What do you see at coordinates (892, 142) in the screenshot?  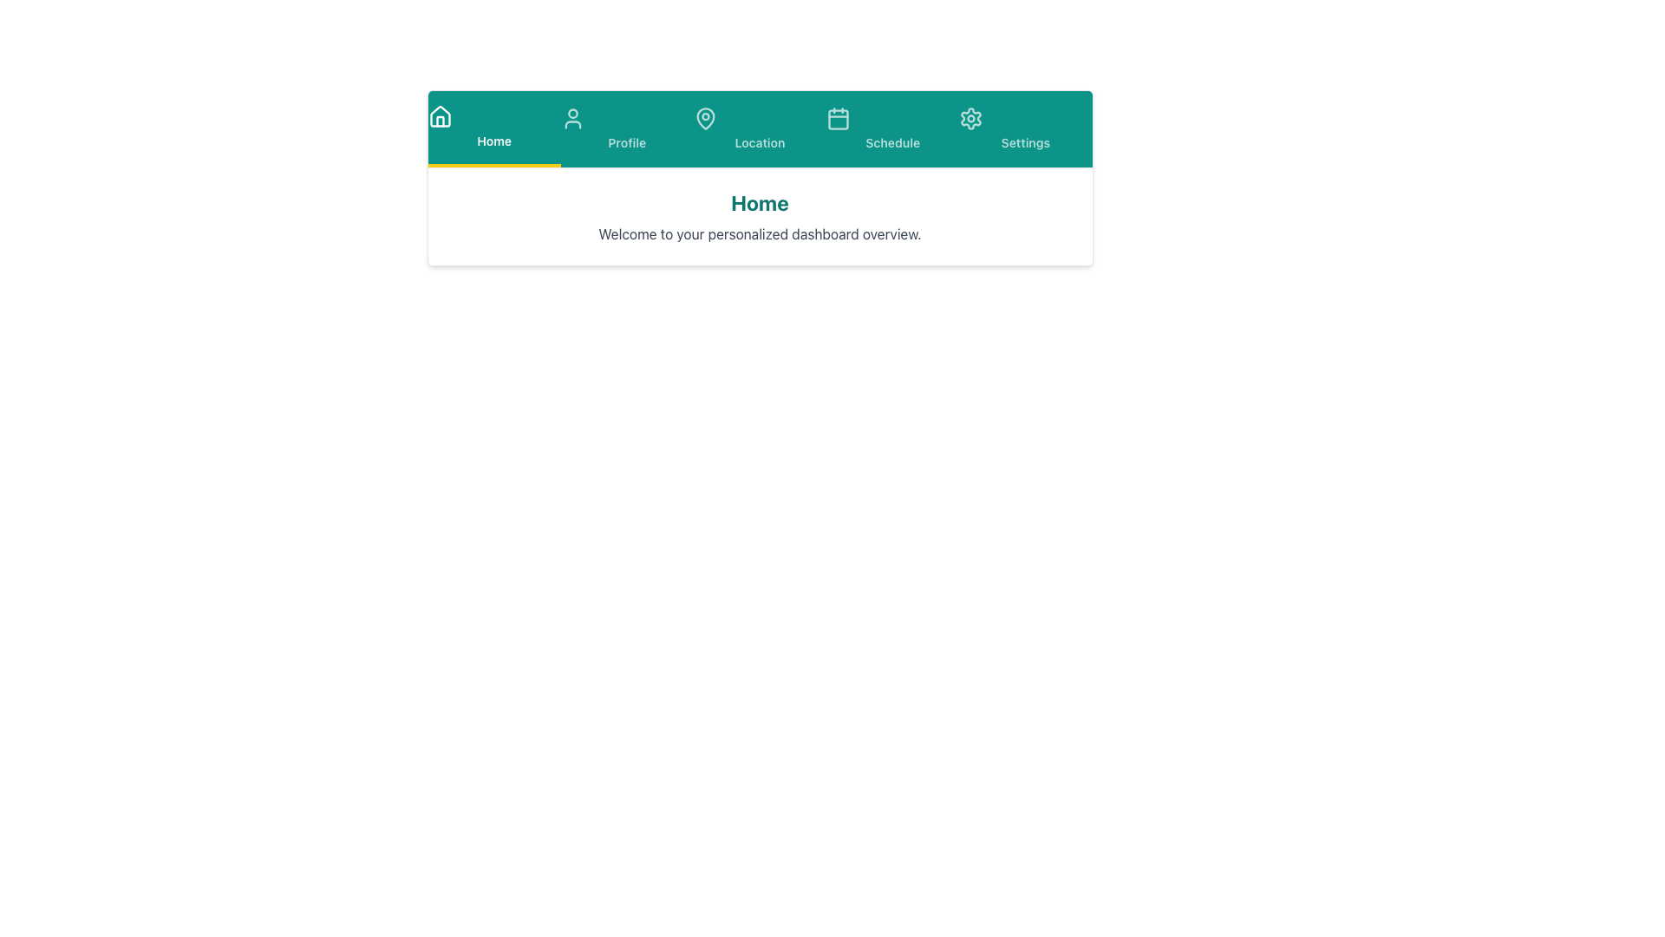 I see `text from the 'Schedule' label in the navigation menu, which is the fourth item from the left in the horizontal navigation bar at the top of the interface` at bounding box center [892, 142].